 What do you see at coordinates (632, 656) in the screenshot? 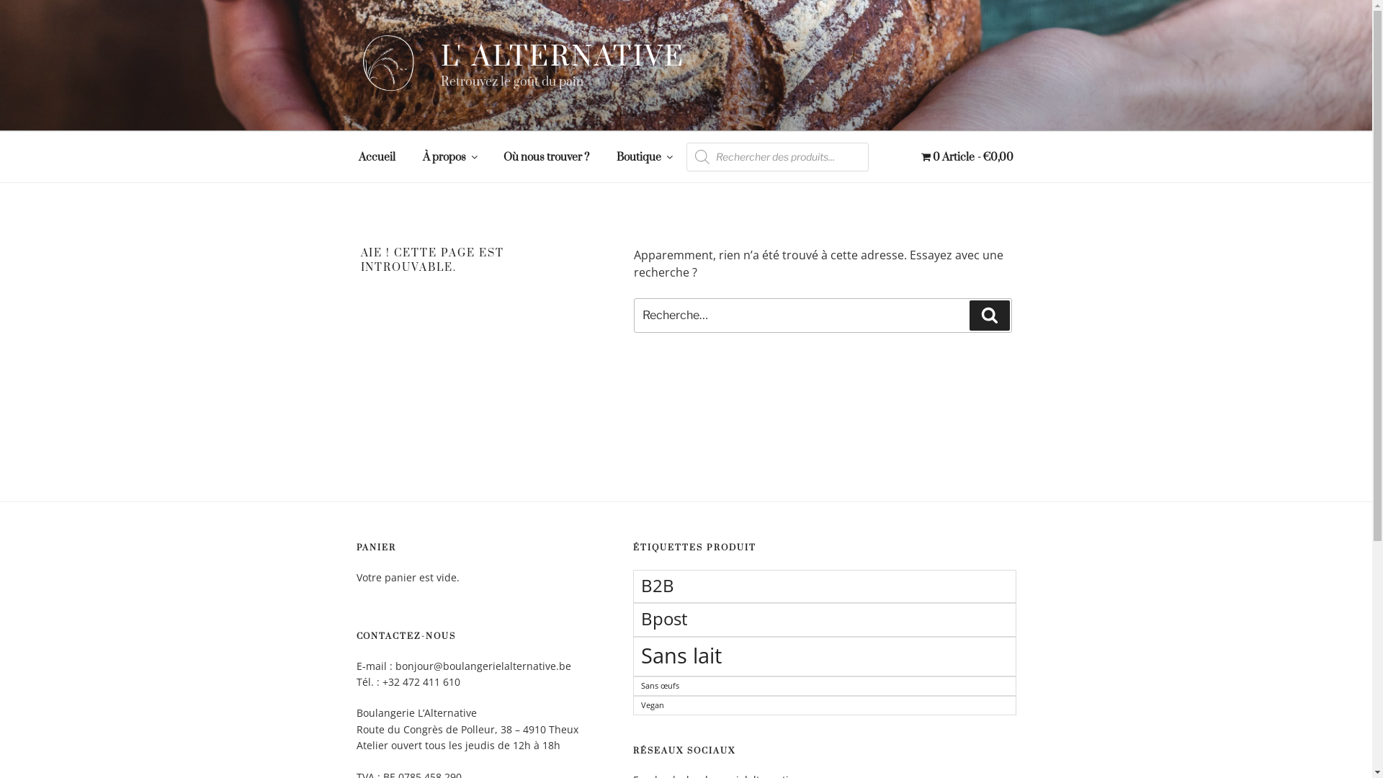
I see `'Sans lait'` at bounding box center [632, 656].